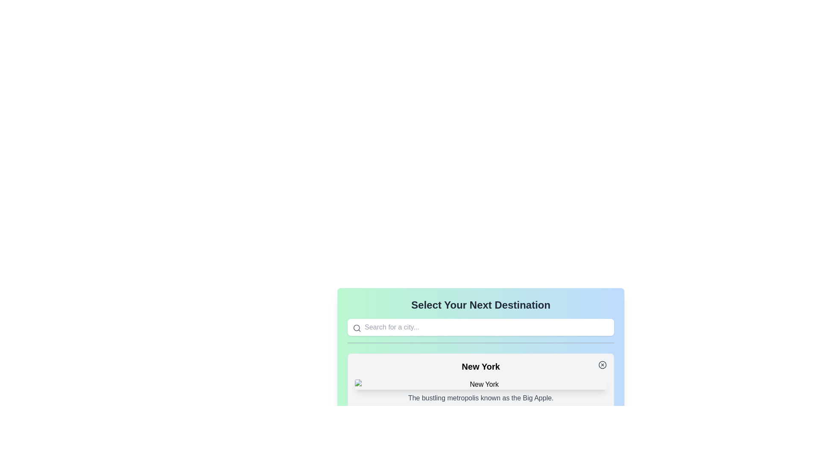  I want to click on the Header section with an embedded input box located at the top of the card-like interface, which allows users to search for a city as their next destination, so click(481, 321).